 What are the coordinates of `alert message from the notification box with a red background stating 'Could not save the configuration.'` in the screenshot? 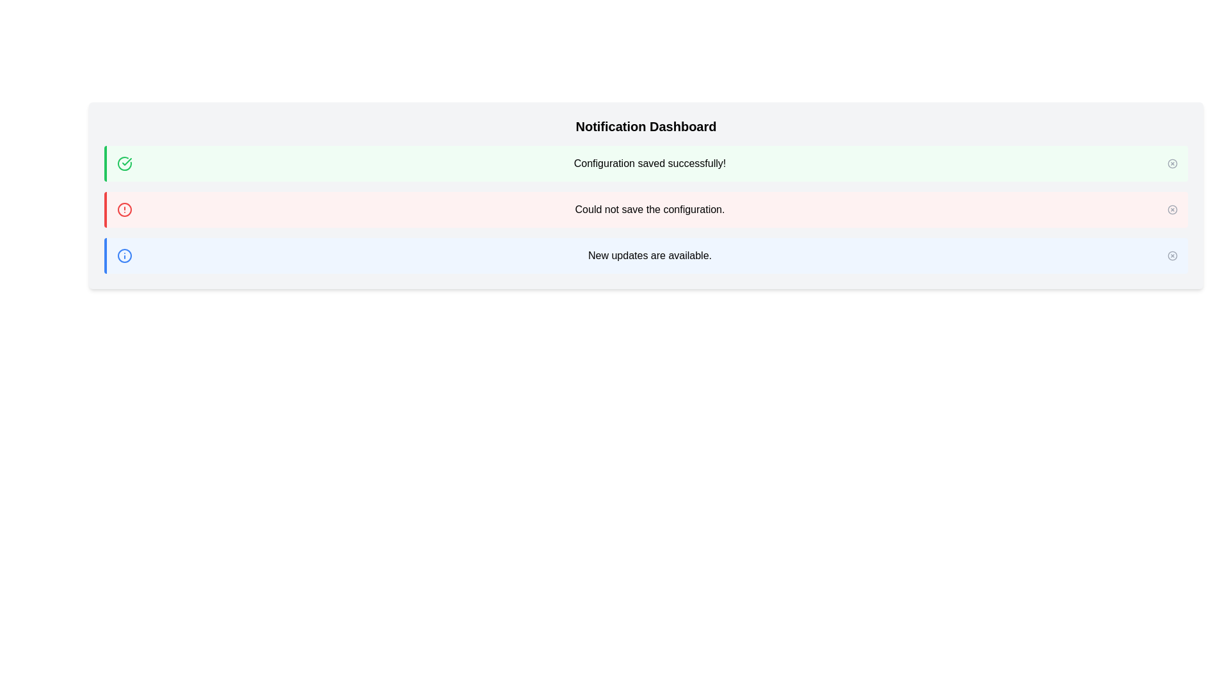 It's located at (646, 209).